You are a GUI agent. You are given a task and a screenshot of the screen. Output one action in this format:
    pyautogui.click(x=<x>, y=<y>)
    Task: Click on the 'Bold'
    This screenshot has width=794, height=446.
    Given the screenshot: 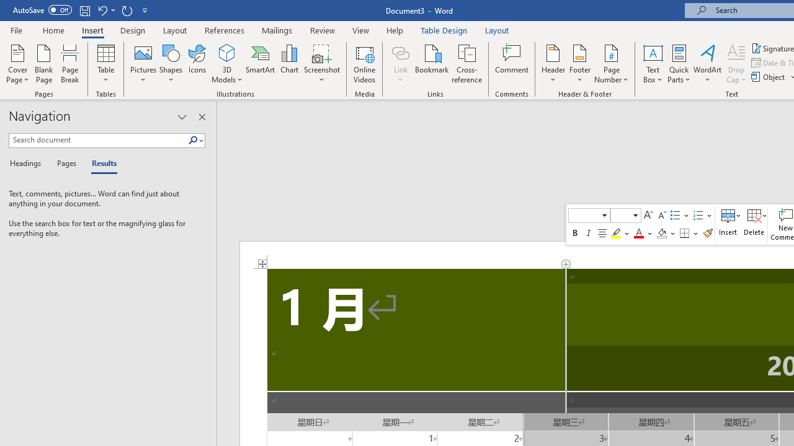 What is the action you would take?
    pyautogui.click(x=574, y=233)
    